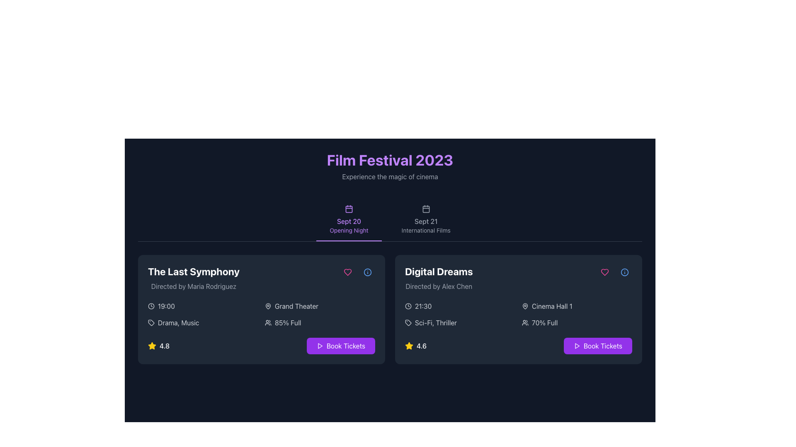  I want to click on the star-shaped icon with a bright yellow color located in the rating section of 'The Last Symphony' card, near the numerical rating value, so click(152, 346).